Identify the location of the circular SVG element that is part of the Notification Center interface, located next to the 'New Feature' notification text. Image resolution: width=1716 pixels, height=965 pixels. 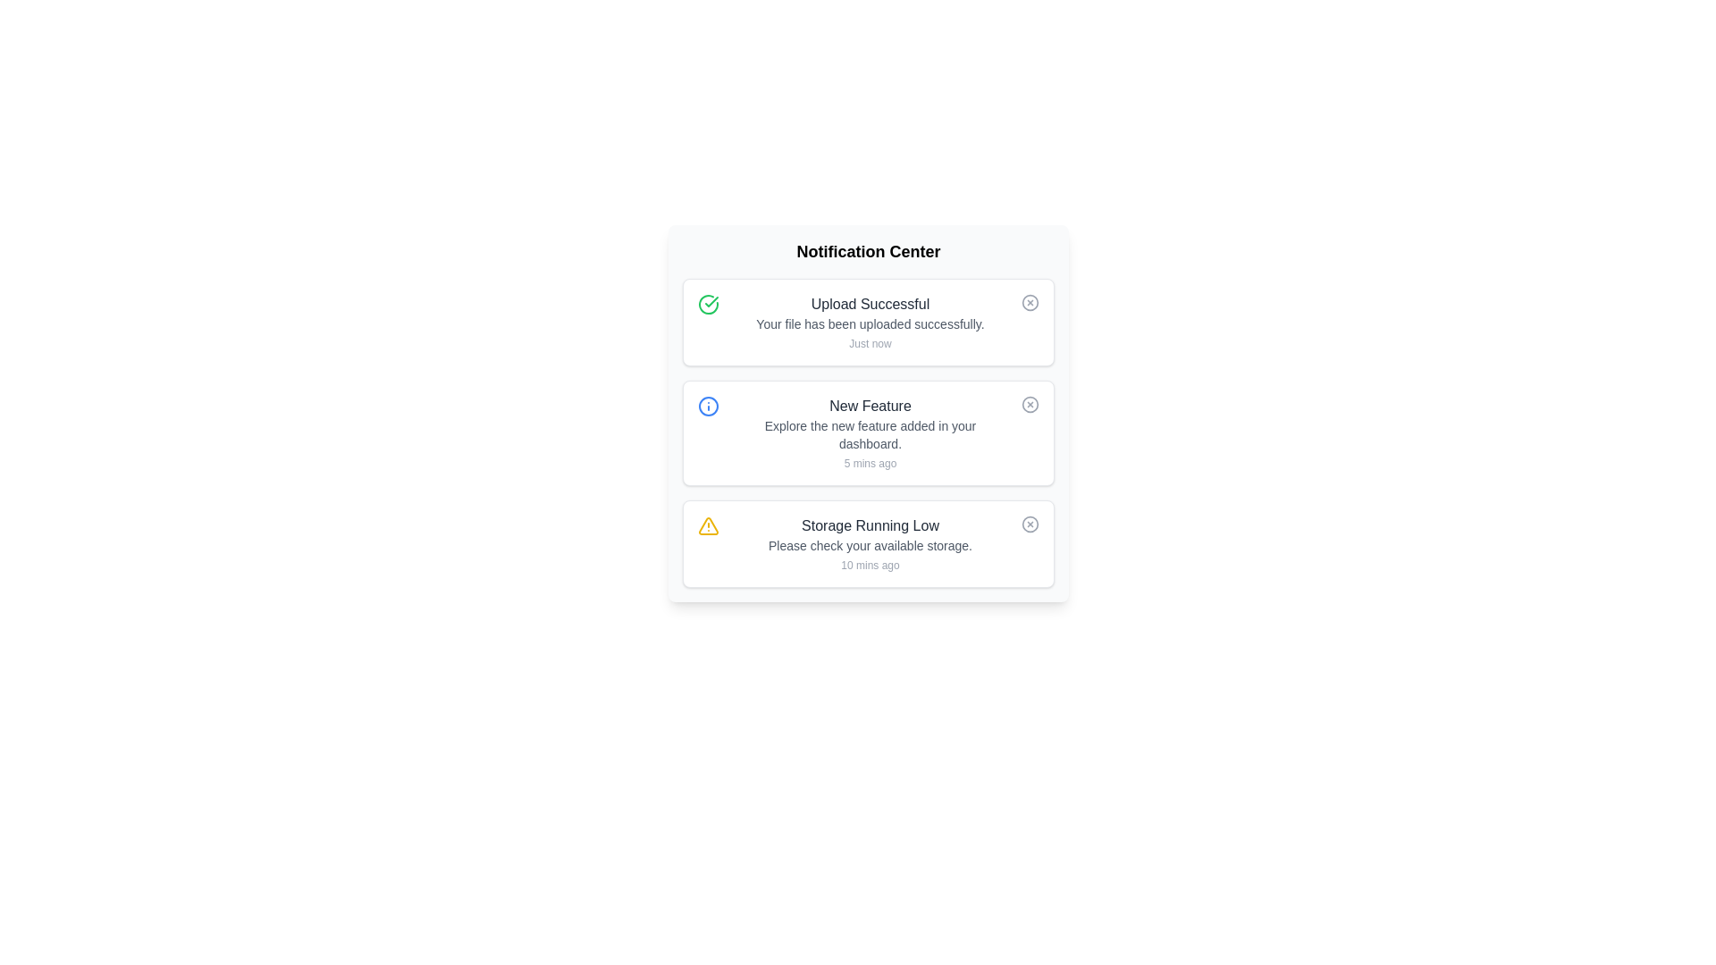
(1030, 404).